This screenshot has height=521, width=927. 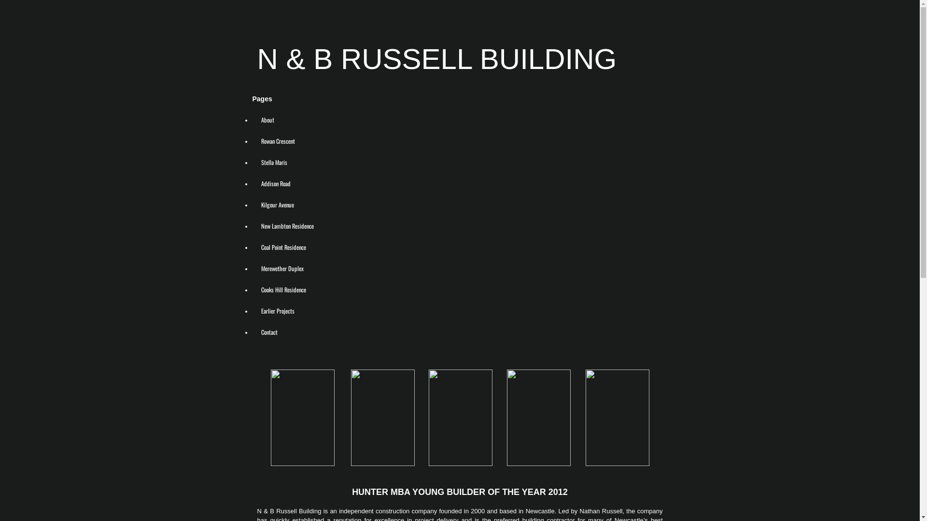 I want to click on 'Earlier Projects', so click(x=252, y=311).